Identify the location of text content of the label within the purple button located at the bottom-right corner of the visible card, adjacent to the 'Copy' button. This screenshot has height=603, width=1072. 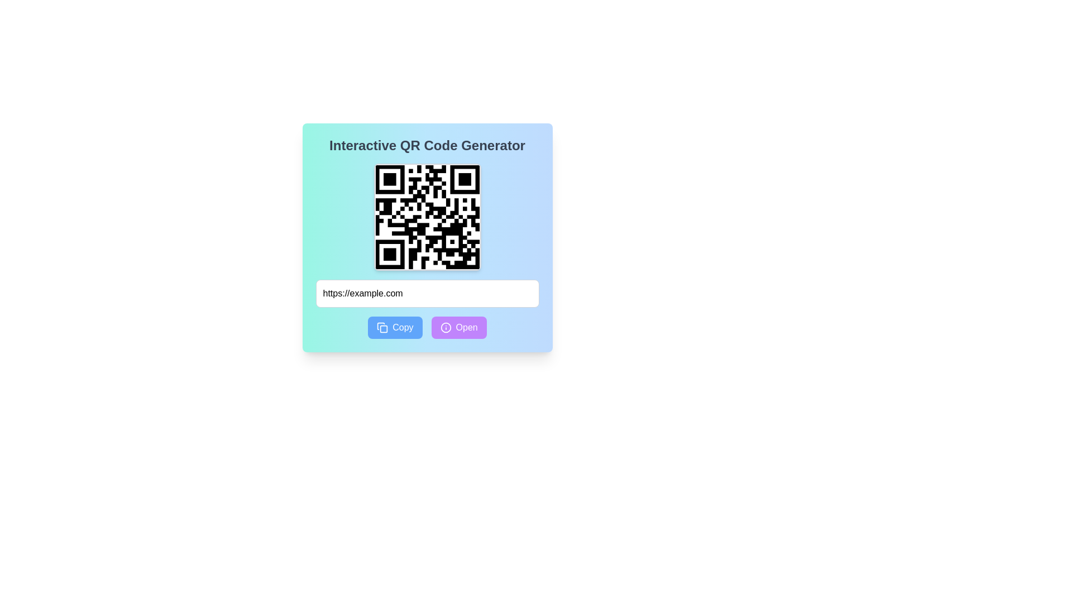
(467, 327).